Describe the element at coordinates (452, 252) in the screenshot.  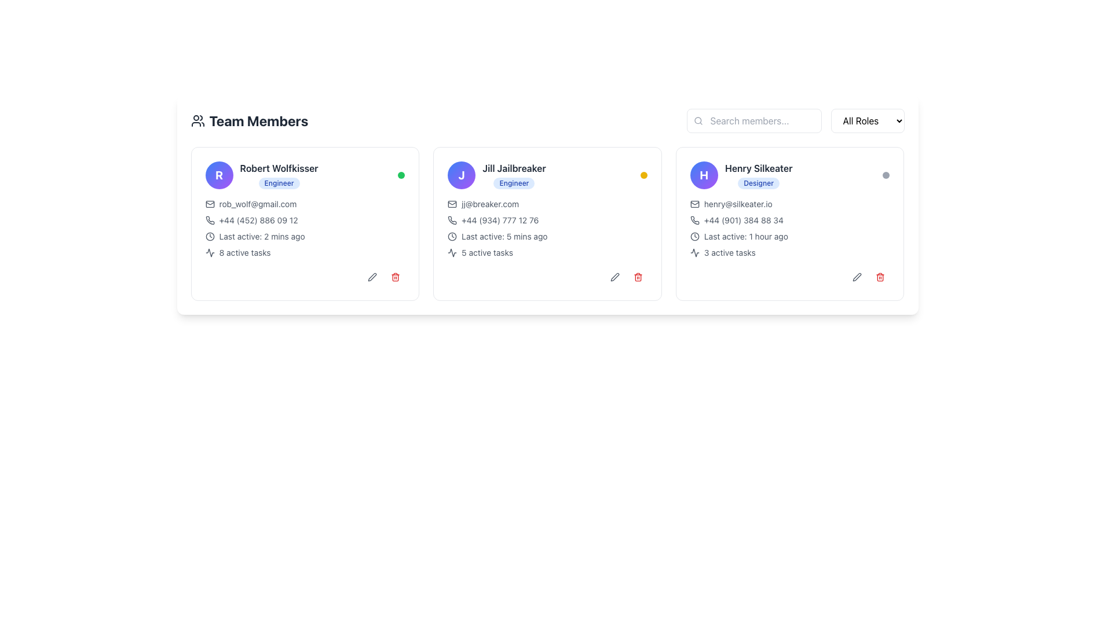
I see `the wave or activity graph icon located to the left of the '5 active tasks' text in the middle card of the second column` at that location.